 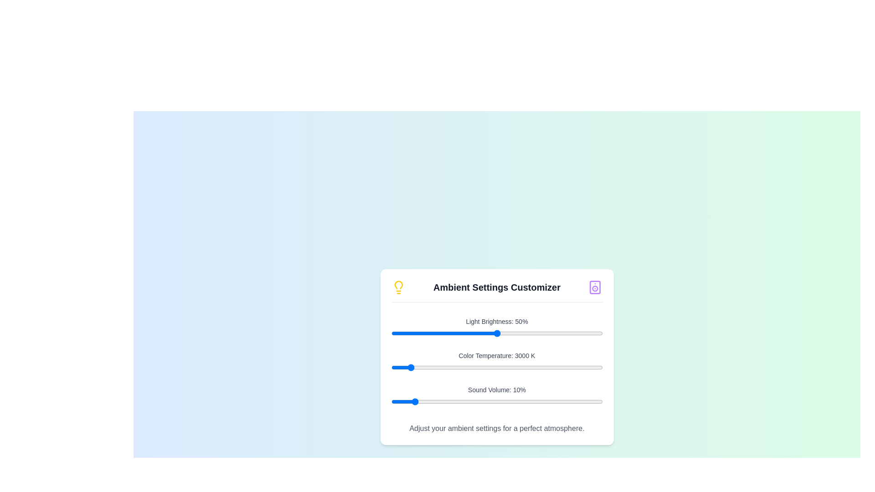 I want to click on color temperature, so click(x=504, y=367).